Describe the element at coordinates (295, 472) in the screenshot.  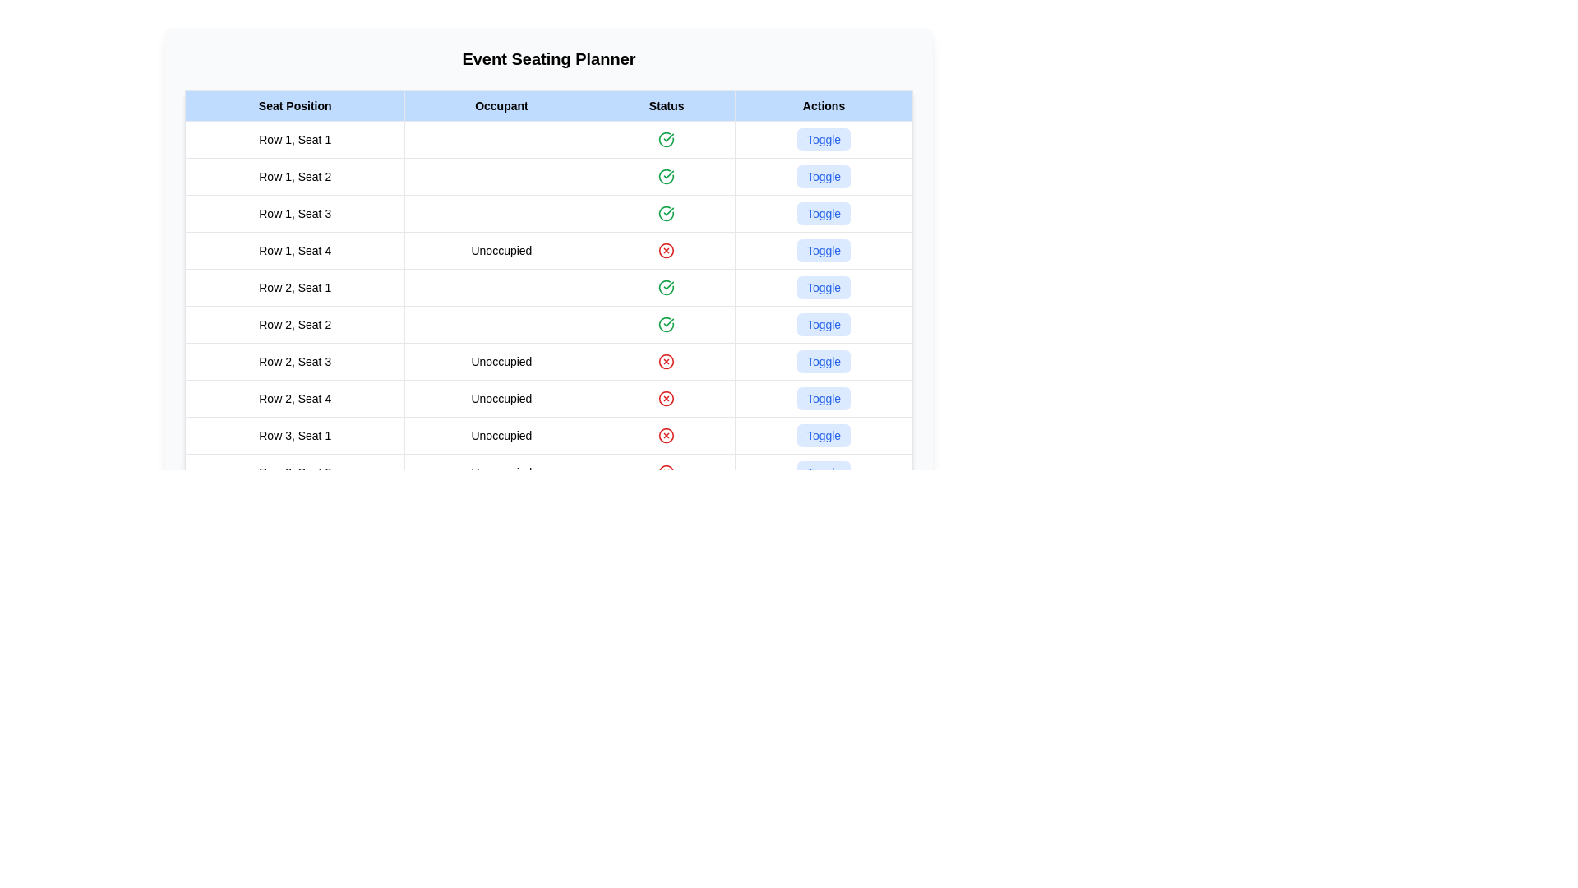
I see `text of the Text component that identifies 'Row 3, Seat 2' in the first column of the table` at that location.